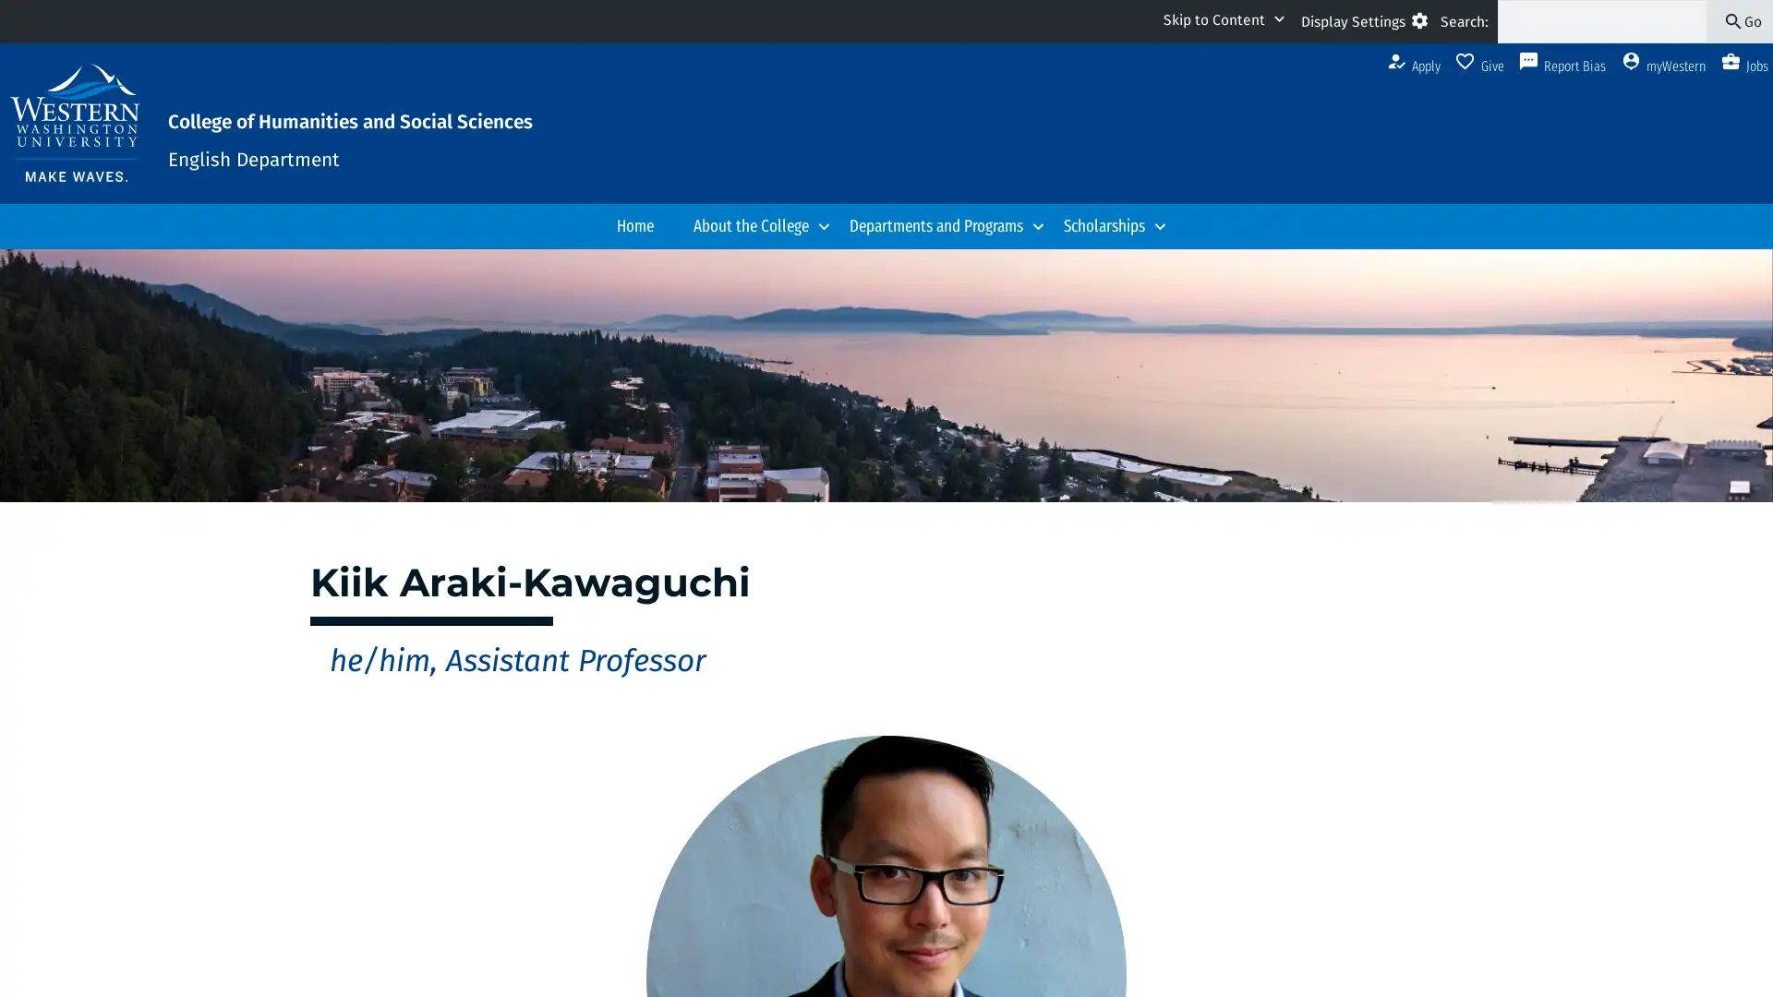  Describe the element at coordinates (1108, 225) in the screenshot. I see `Scholarships` at that location.